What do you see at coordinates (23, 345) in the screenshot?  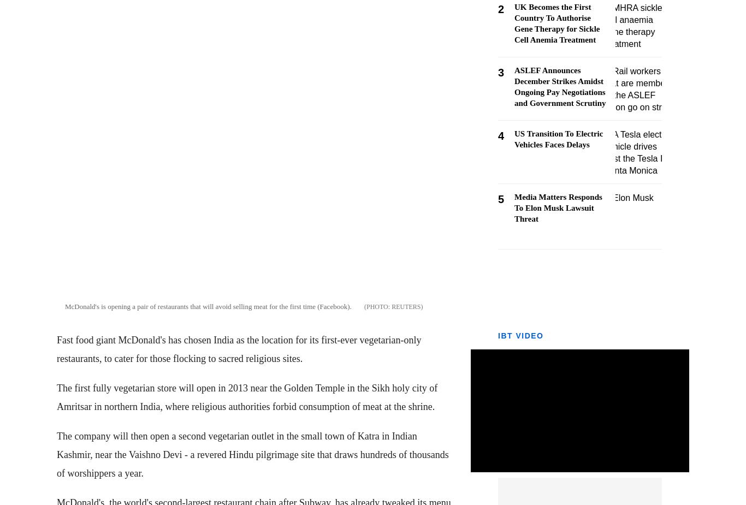 I see `'- eSports'` at bounding box center [23, 345].